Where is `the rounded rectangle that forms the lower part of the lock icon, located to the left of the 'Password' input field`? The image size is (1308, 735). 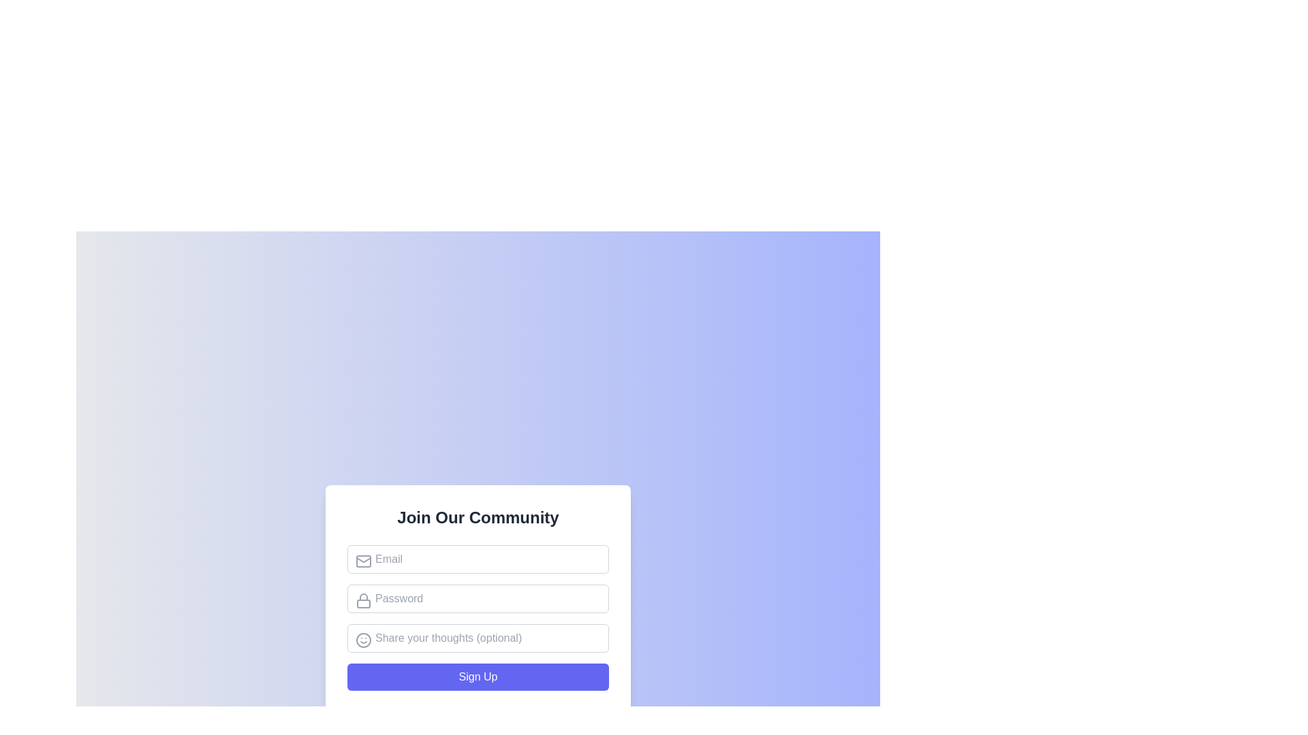 the rounded rectangle that forms the lower part of the lock icon, located to the left of the 'Password' input field is located at coordinates (363, 603).